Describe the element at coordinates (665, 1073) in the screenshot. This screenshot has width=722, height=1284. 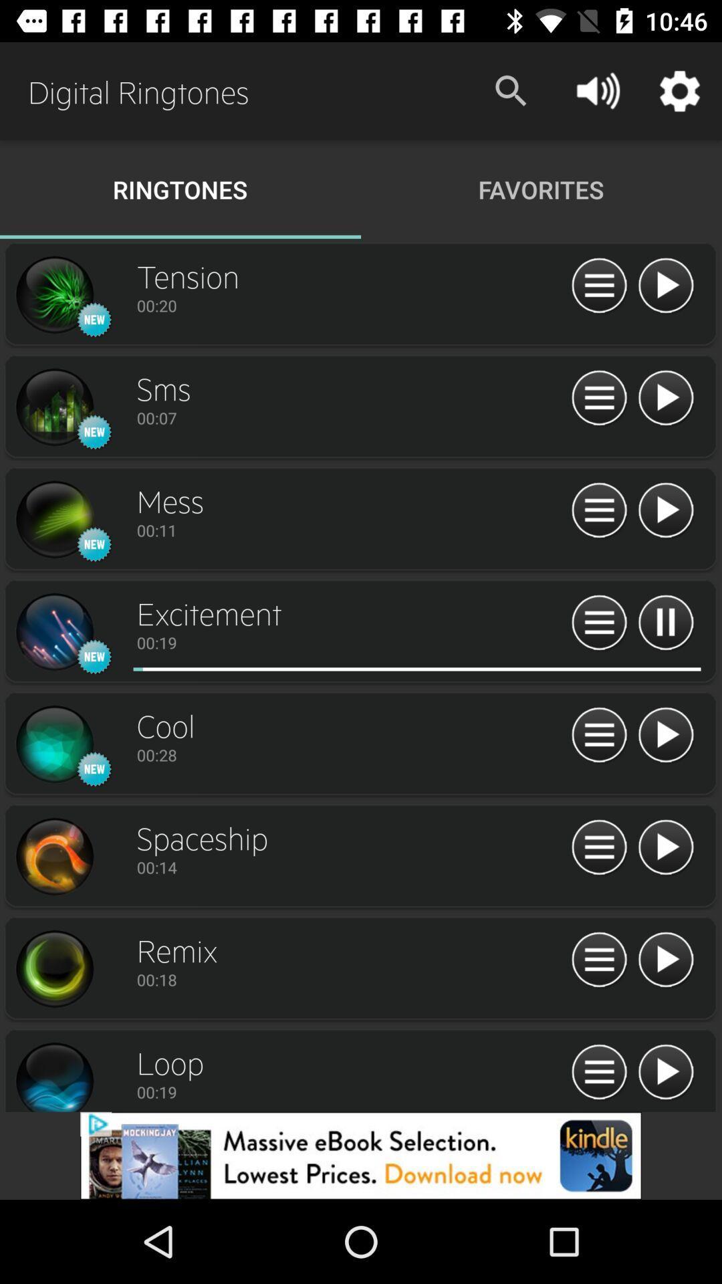
I see `button for ringtone loop` at that location.